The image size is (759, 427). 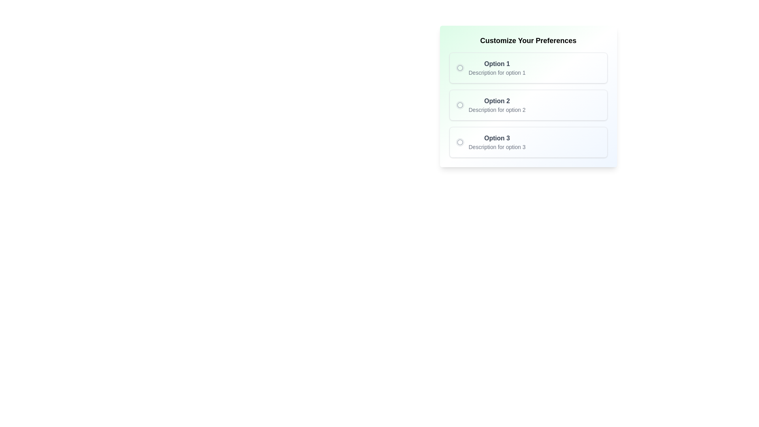 I want to click on the radio button, so click(x=460, y=142).